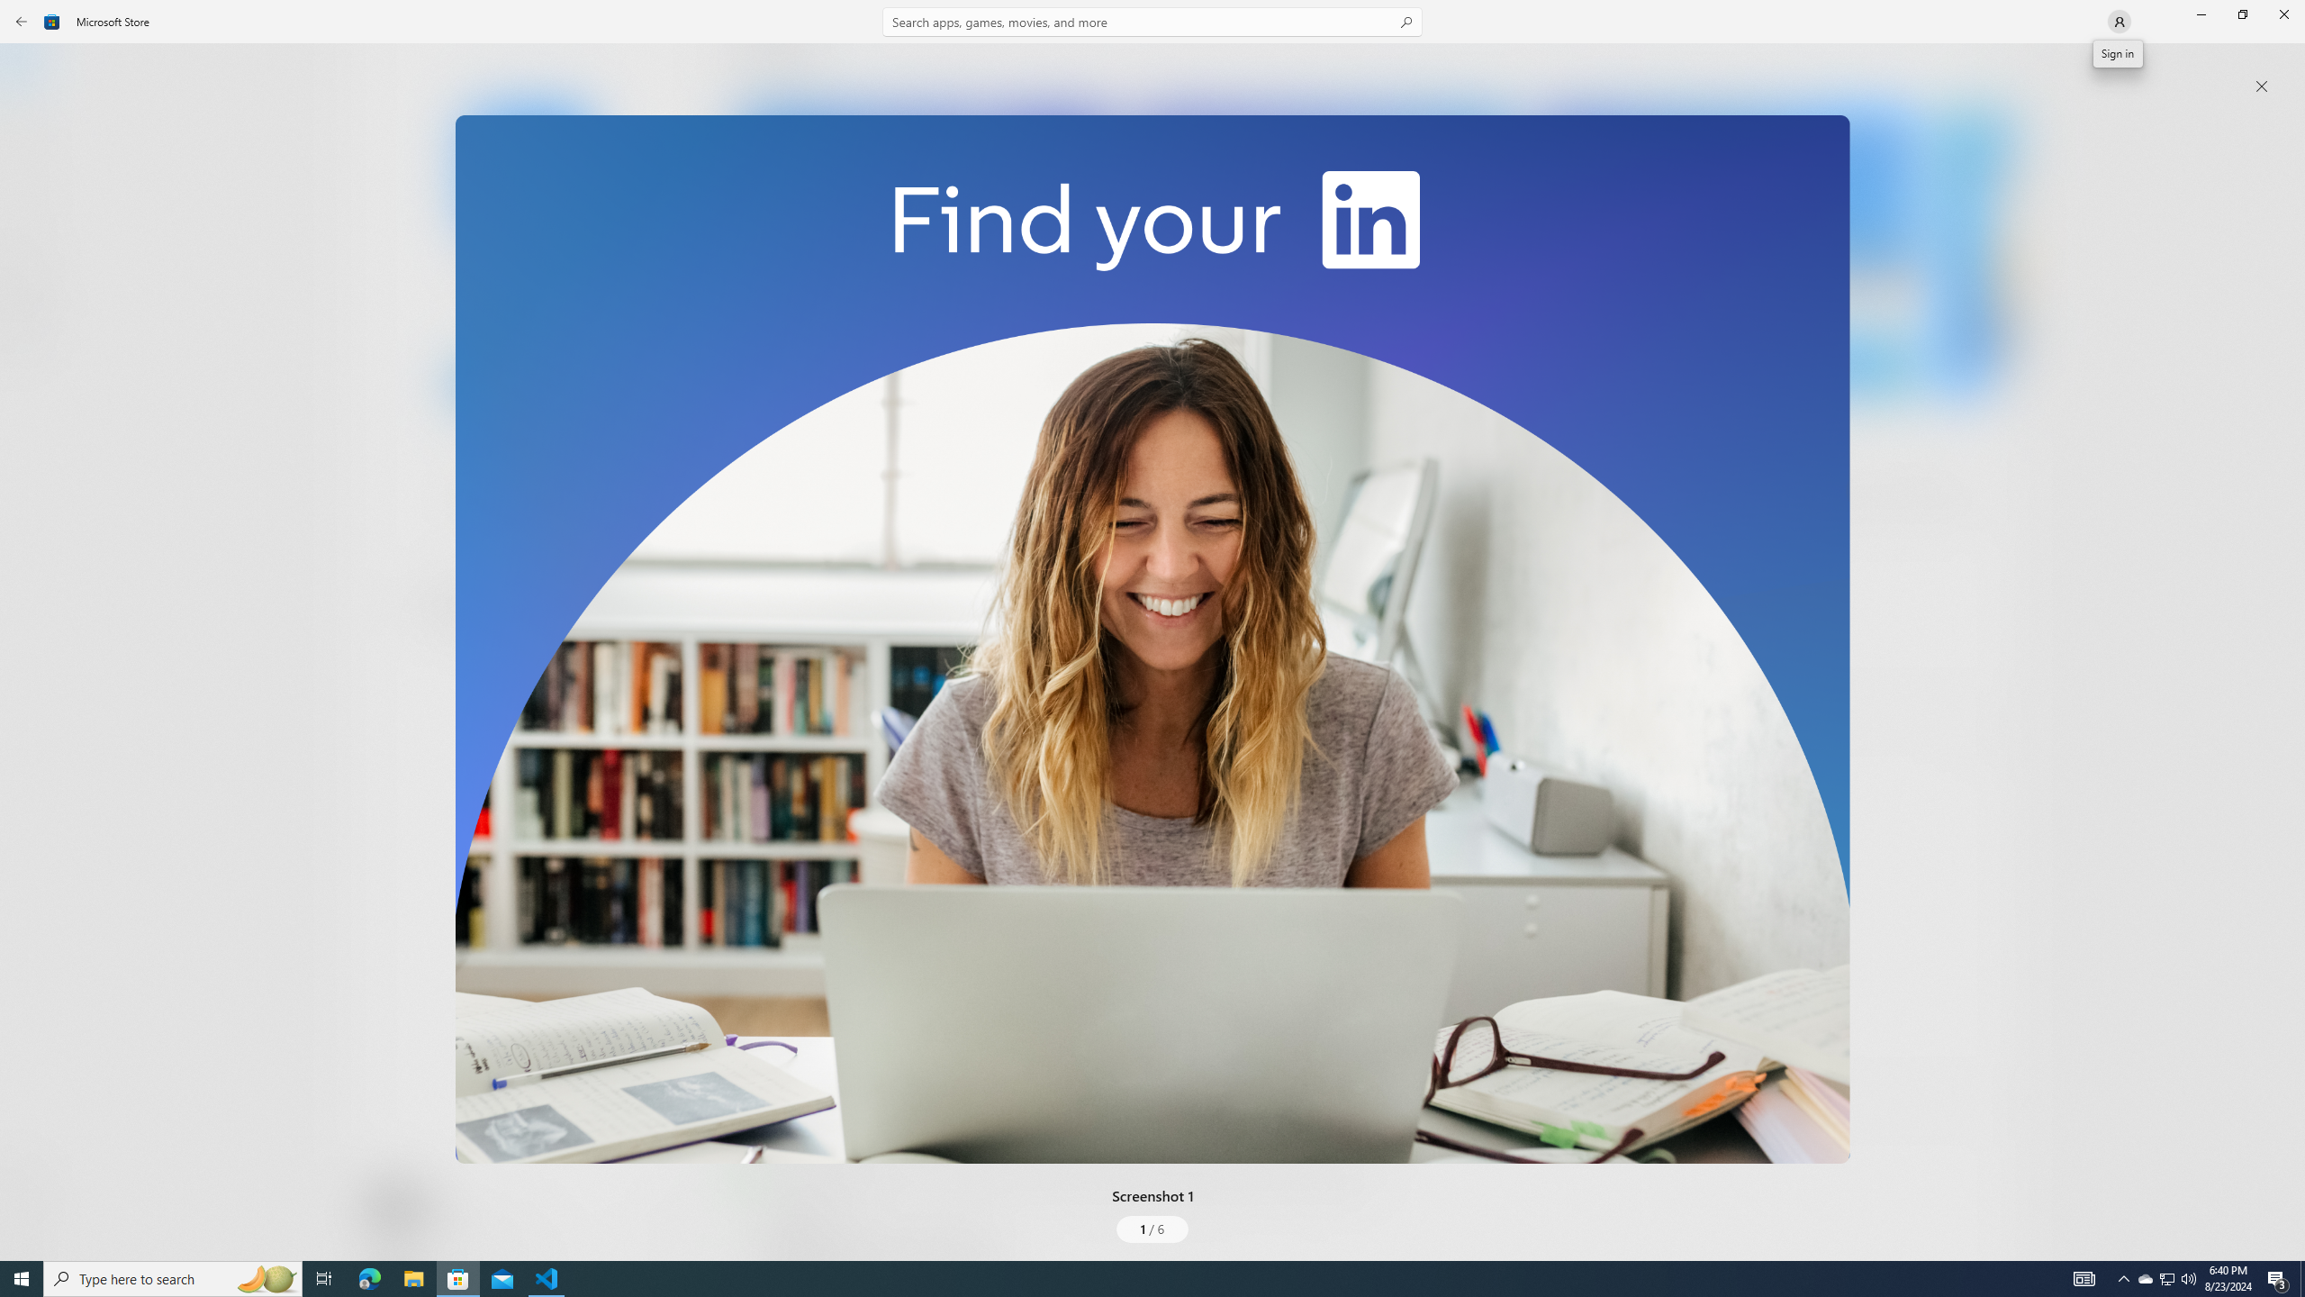 This screenshot has width=2305, height=1297. What do you see at coordinates (31, 294) in the screenshot?
I see `'Entertainment'` at bounding box center [31, 294].